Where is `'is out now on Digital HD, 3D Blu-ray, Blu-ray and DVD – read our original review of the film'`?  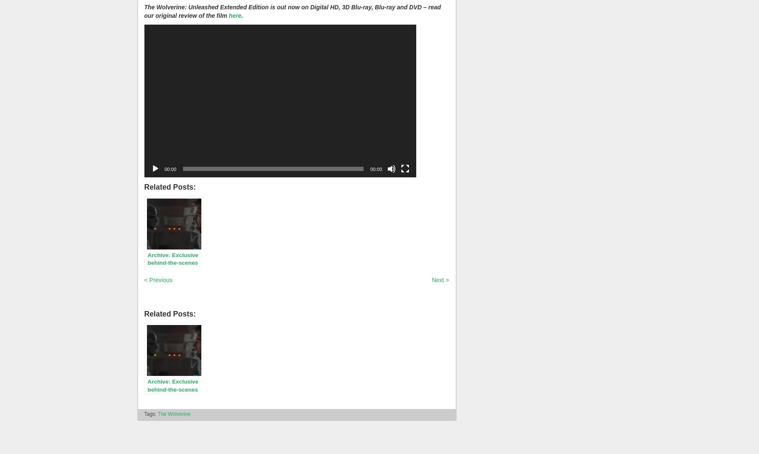
'is out now on Digital HD, 3D Blu-ray, Blu-ray and DVD – read our original review of the film' is located at coordinates (292, 11).